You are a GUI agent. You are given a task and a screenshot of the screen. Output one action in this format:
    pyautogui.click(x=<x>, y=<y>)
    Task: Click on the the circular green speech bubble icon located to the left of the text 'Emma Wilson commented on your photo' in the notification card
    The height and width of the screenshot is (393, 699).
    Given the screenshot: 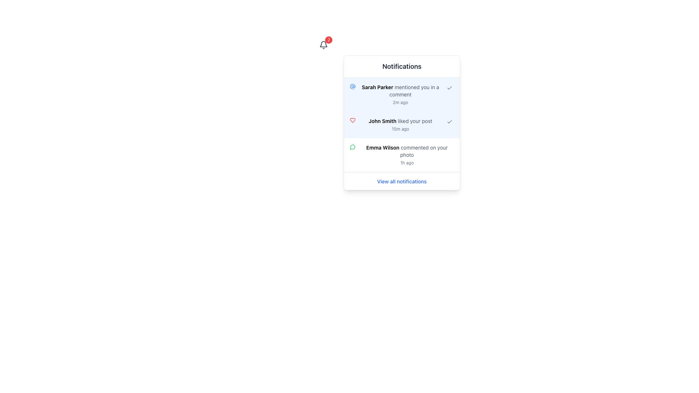 What is the action you would take?
    pyautogui.click(x=353, y=147)
    